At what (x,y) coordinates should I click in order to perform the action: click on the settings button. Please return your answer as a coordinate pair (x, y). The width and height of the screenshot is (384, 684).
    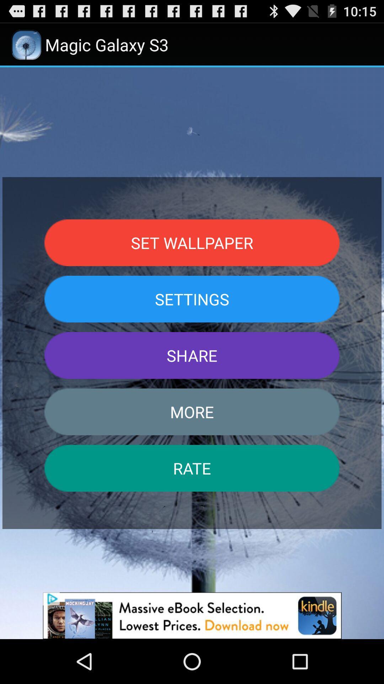
    Looking at the image, I should click on (192, 299).